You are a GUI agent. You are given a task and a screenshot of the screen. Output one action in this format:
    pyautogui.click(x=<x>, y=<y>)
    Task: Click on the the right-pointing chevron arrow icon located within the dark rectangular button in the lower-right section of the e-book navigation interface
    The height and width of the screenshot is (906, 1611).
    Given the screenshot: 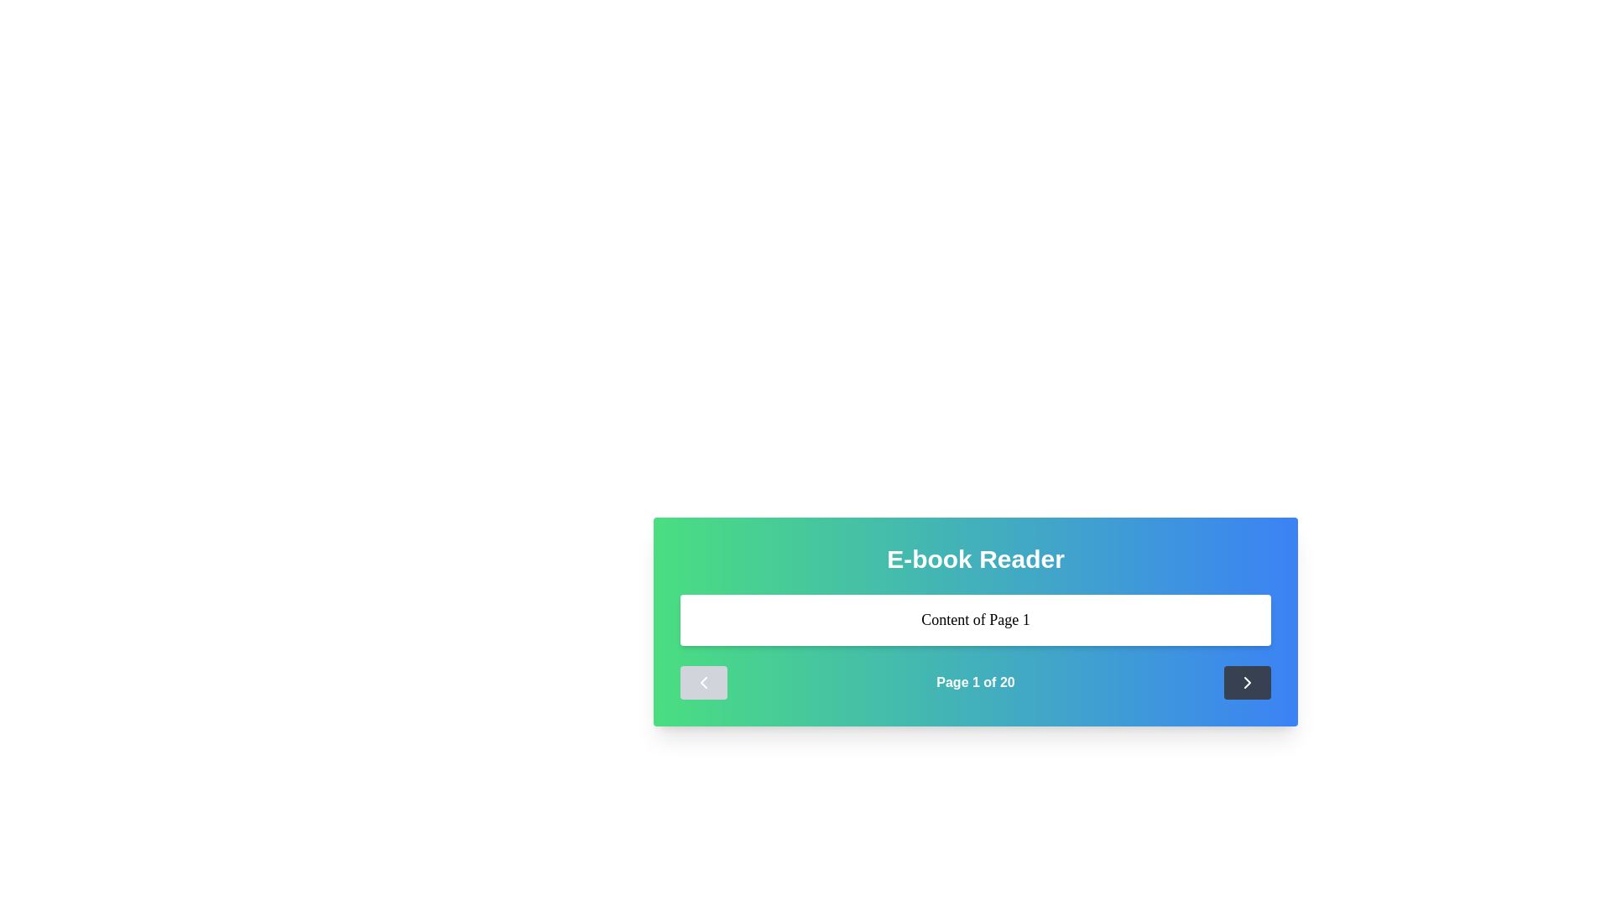 What is the action you would take?
    pyautogui.click(x=1248, y=683)
    